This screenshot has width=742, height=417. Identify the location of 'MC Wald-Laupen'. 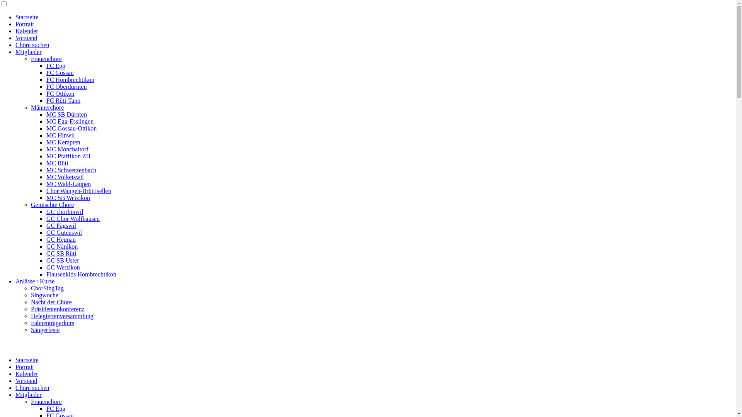
(68, 184).